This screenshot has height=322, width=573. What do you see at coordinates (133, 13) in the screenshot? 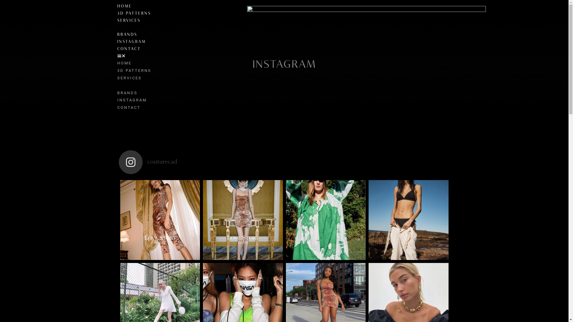
I see `'3D PATTERNS'` at bounding box center [133, 13].